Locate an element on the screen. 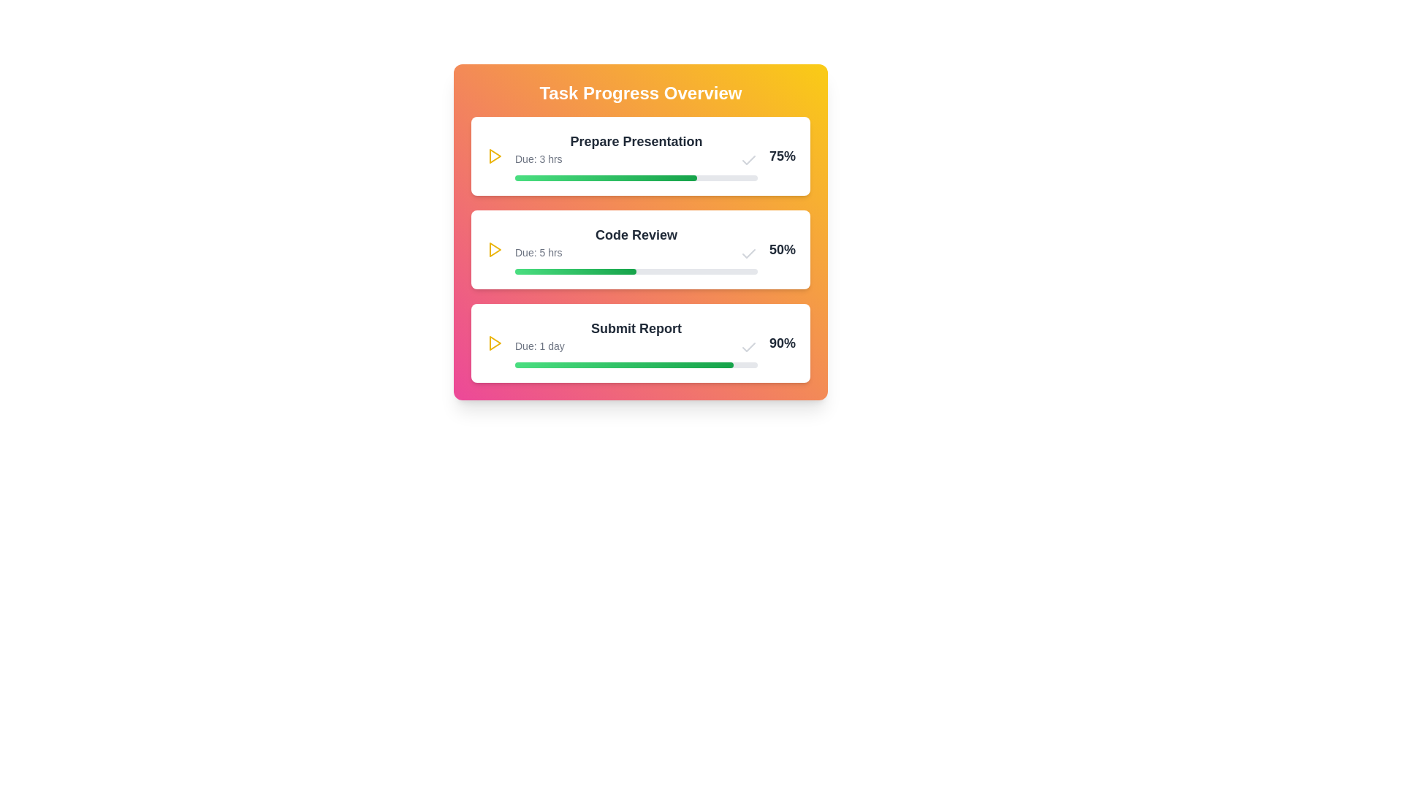  the play icon button styled as a play symbol, located next to the 'Due: 5 hrs' label for the 'Code Review' task is located at coordinates (495, 249).